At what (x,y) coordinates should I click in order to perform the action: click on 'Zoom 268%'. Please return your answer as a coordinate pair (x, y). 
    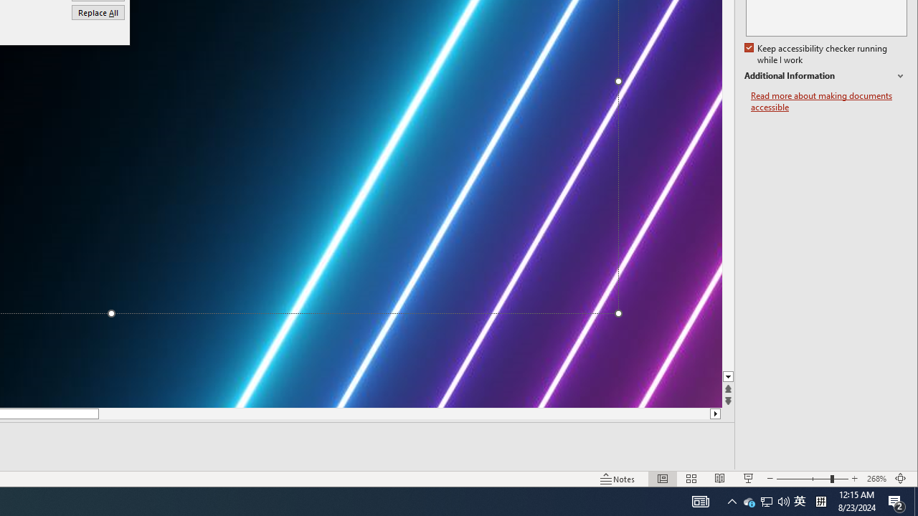
    Looking at the image, I should click on (876, 479).